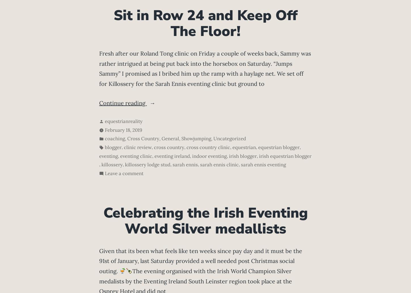  Describe the element at coordinates (170, 138) in the screenshot. I see `'General'` at that location.